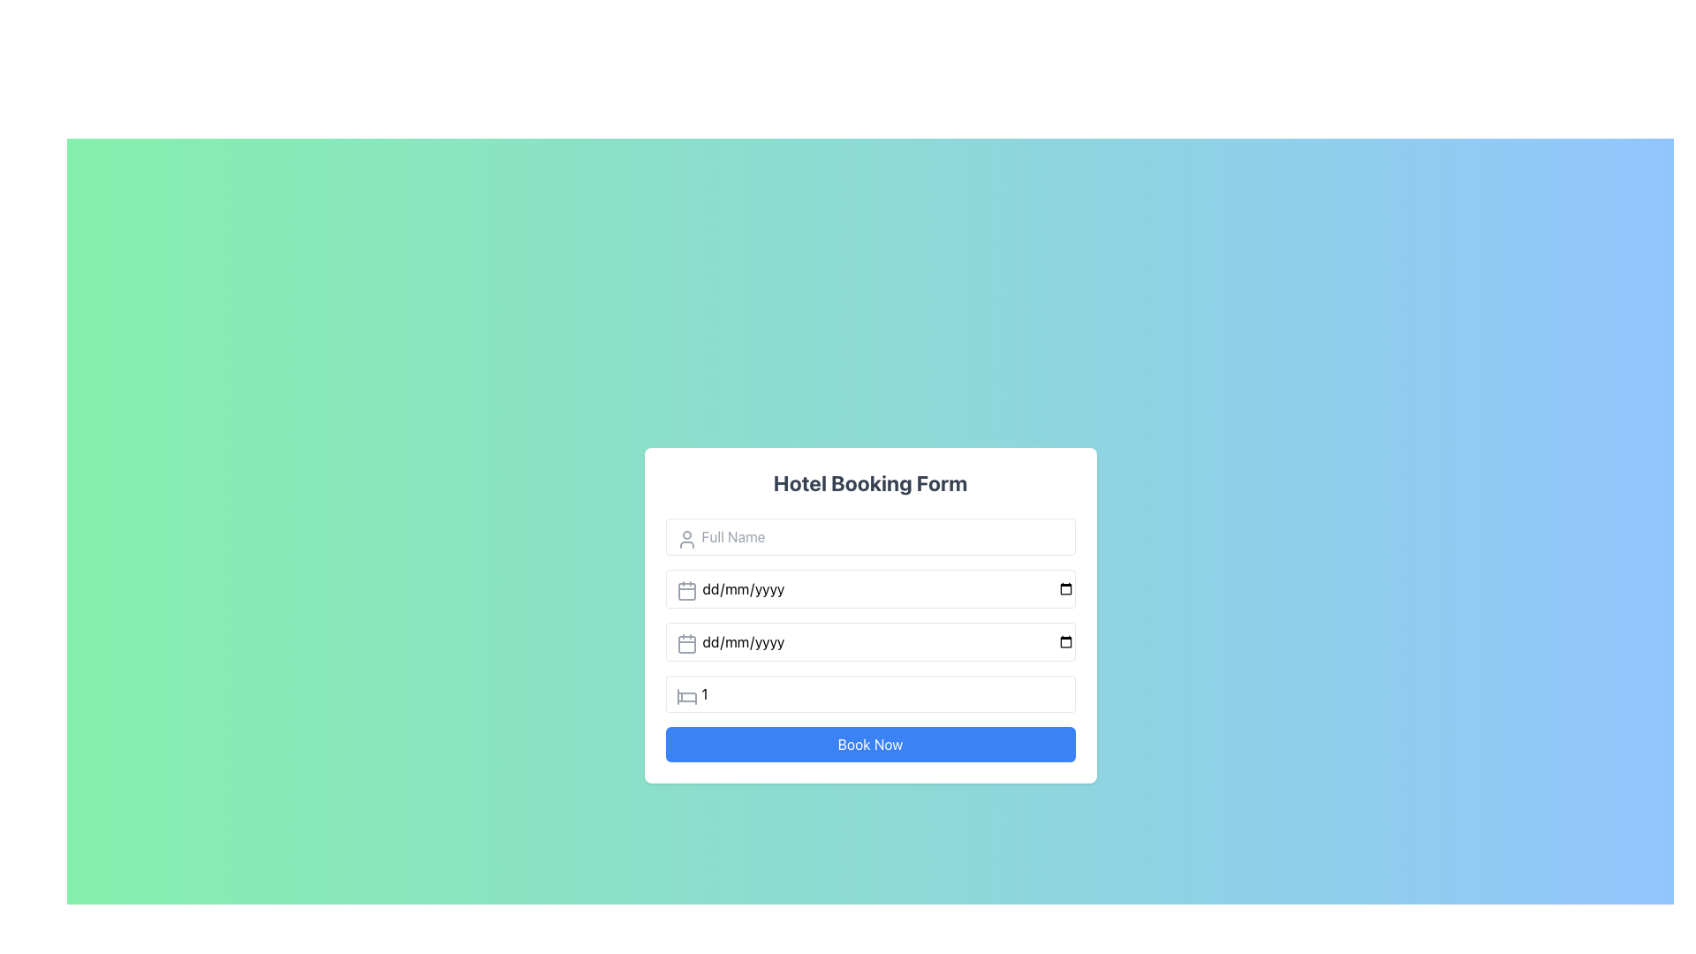 This screenshot has width=1696, height=954. What do you see at coordinates (685, 696) in the screenshot?
I see `the gray SVG bed icon located at the beginning of the 'Guests' input field in the 'Hotel Booking Form'` at bounding box center [685, 696].